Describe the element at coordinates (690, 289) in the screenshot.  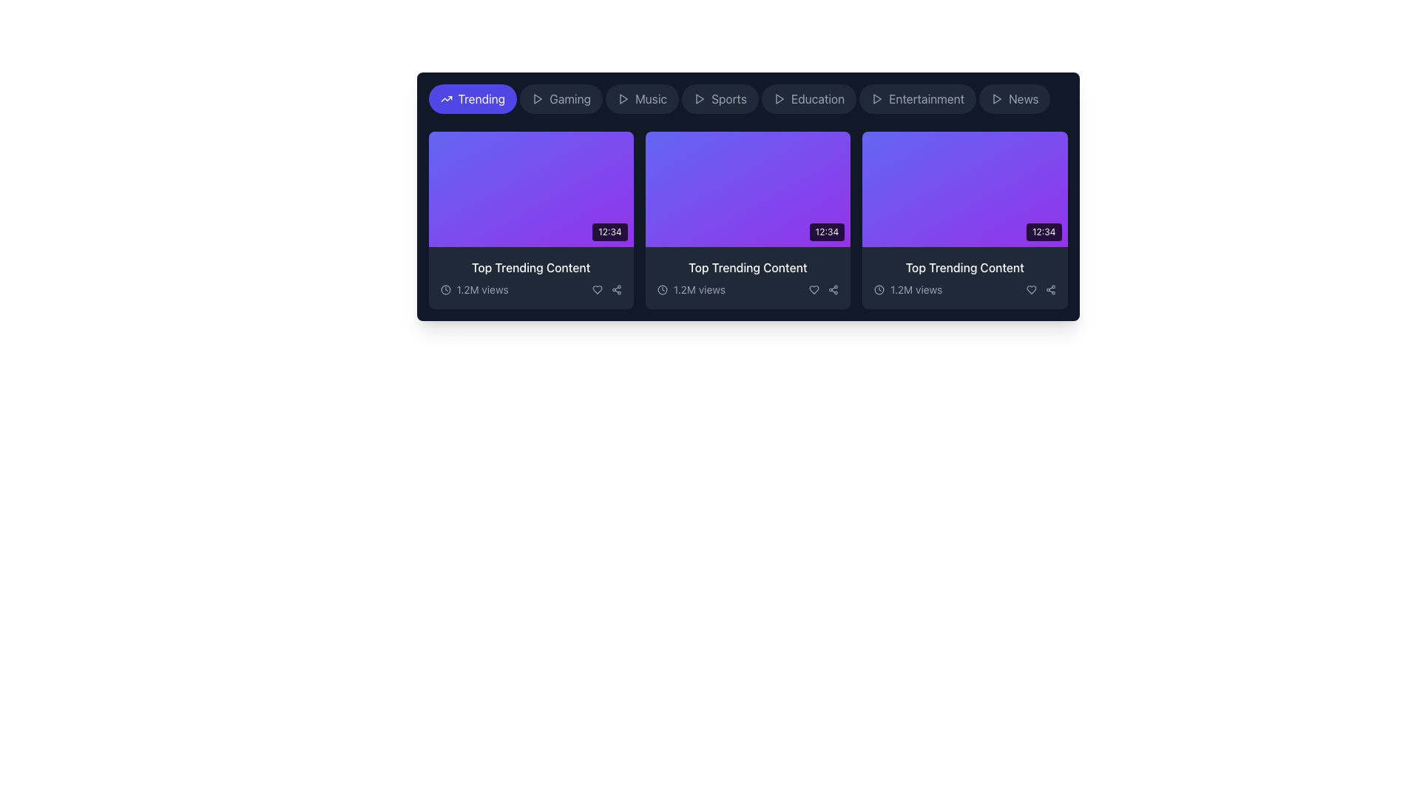
I see `the text label displaying the view count for the associated content, located beneath the second card in a horizontal list of cards` at that location.